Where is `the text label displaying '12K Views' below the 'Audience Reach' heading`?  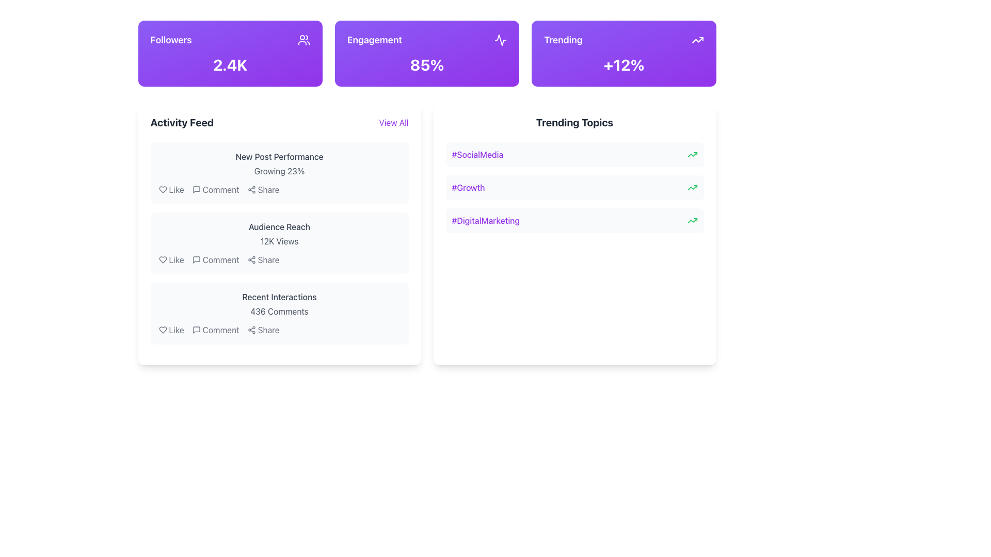 the text label displaying '12K Views' below the 'Audience Reach' heading is located at coordinates (279, 241).